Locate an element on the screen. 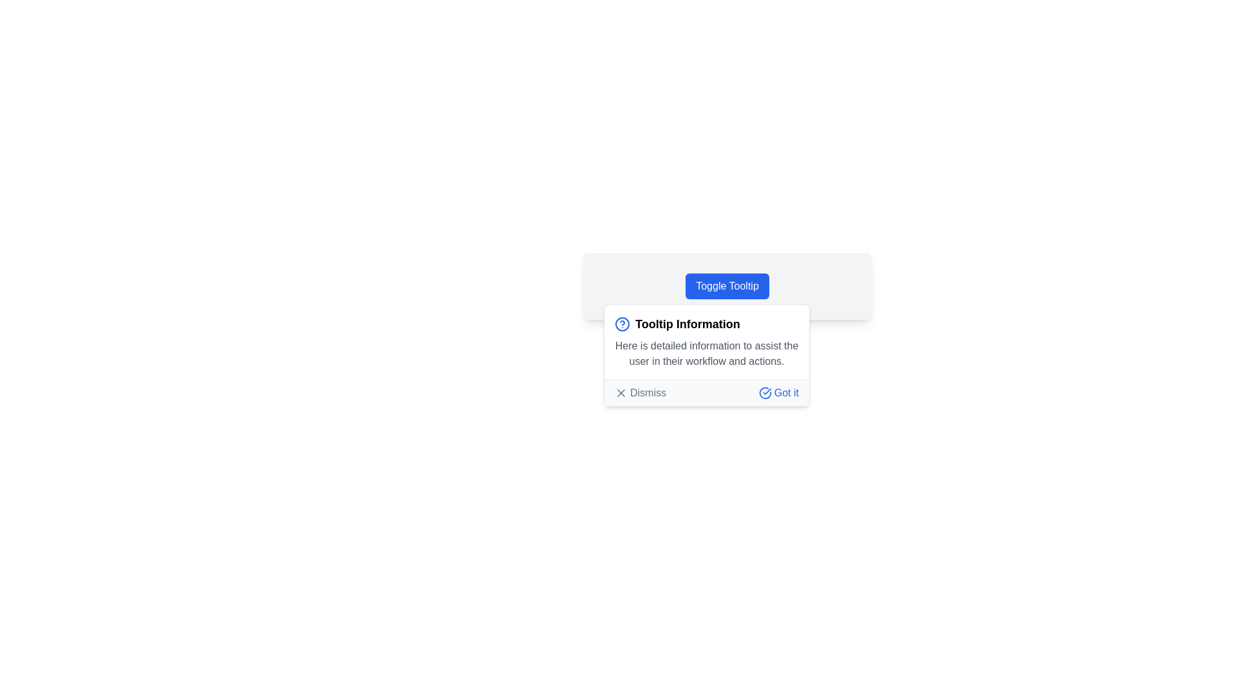 This screenshot has height=695, width=1236. the rectangular button with a blue background and white text reading 'Toggle Tooltip' is located at coordinates (727, 285).